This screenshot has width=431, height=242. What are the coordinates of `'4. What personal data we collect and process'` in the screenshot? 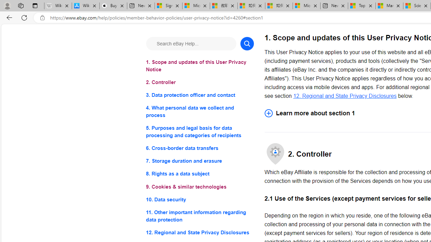 It's located at (199, 111).